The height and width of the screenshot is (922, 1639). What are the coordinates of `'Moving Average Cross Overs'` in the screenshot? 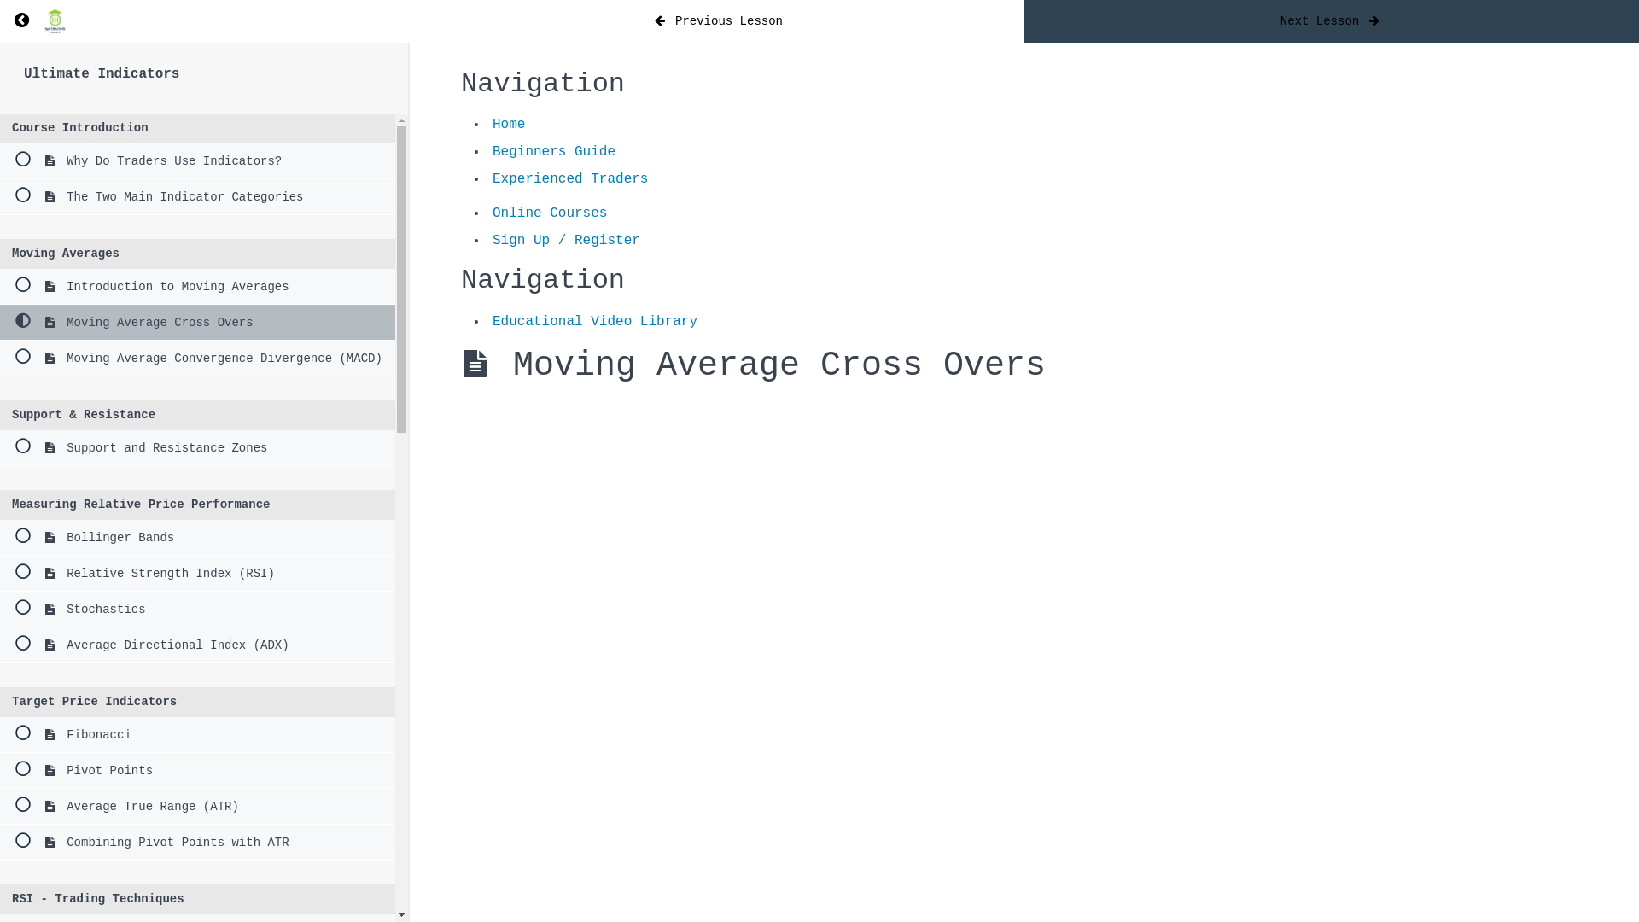 It's located at (197, 323).